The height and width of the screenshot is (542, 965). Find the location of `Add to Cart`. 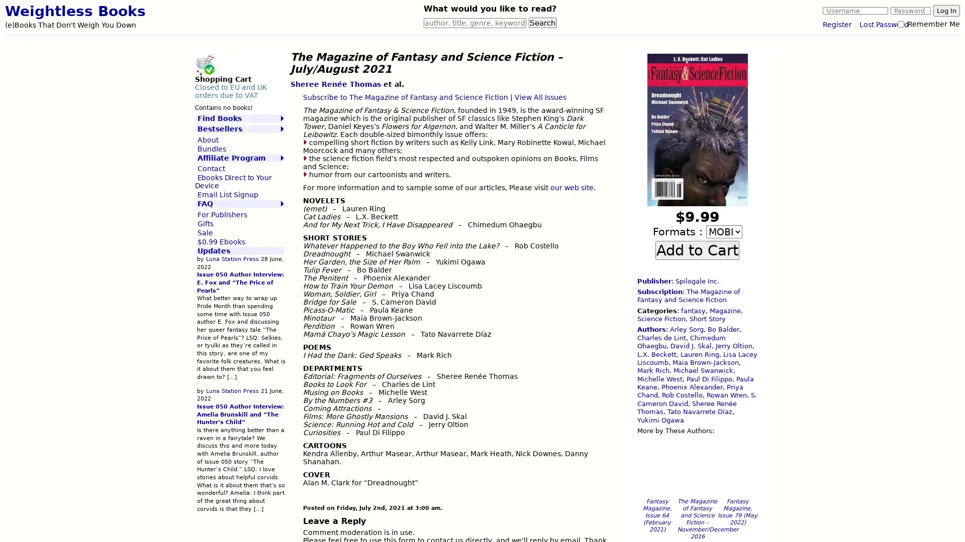

Add to Cart is located at coordinates (697, 249).